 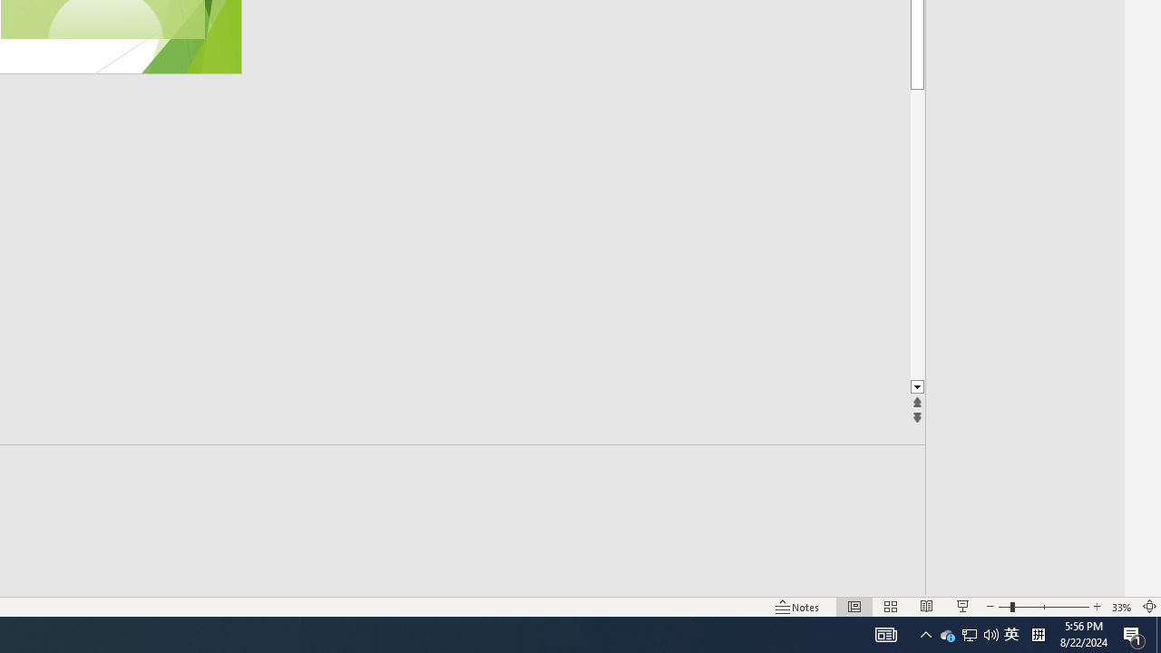 I want to click on 'Zoom 33%', so click(x=1121, y=607).